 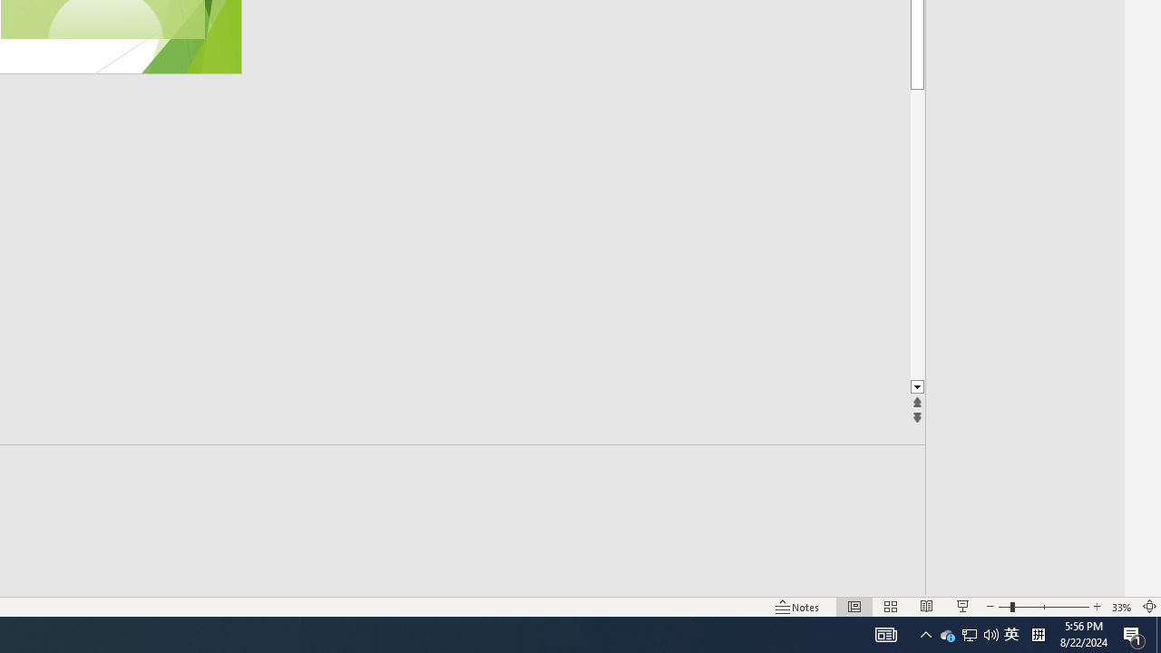 I want to click on 'Zoom 33%', so click(x=1121, y=607).